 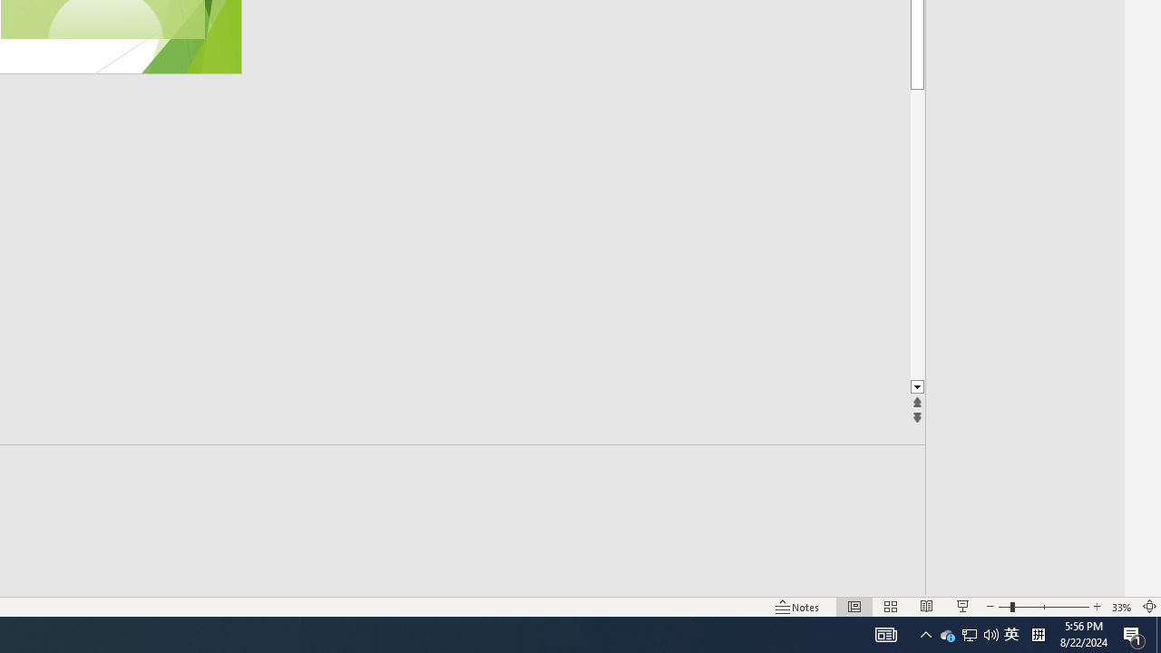 I want to click on 'Zoom 33%', so click(x=1121, y=607).